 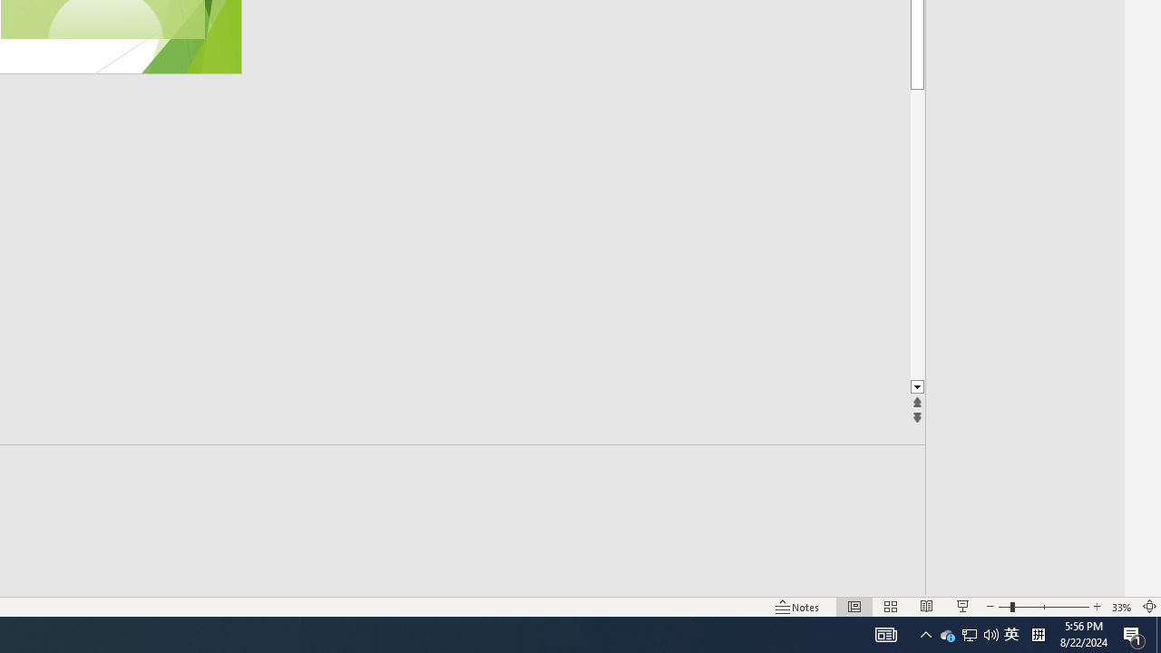 I want to click on 'Zoom 33%', so click(x=1121, y=607).